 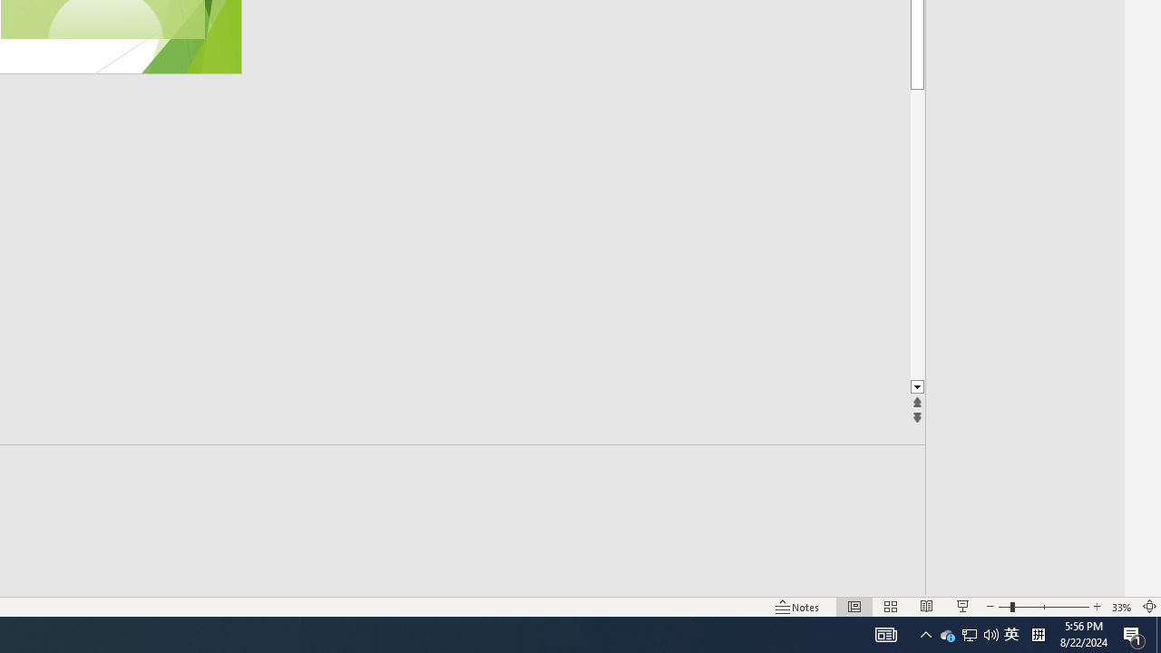 I want to click on 'Zoom 33%', so click(x=1121, y=607).